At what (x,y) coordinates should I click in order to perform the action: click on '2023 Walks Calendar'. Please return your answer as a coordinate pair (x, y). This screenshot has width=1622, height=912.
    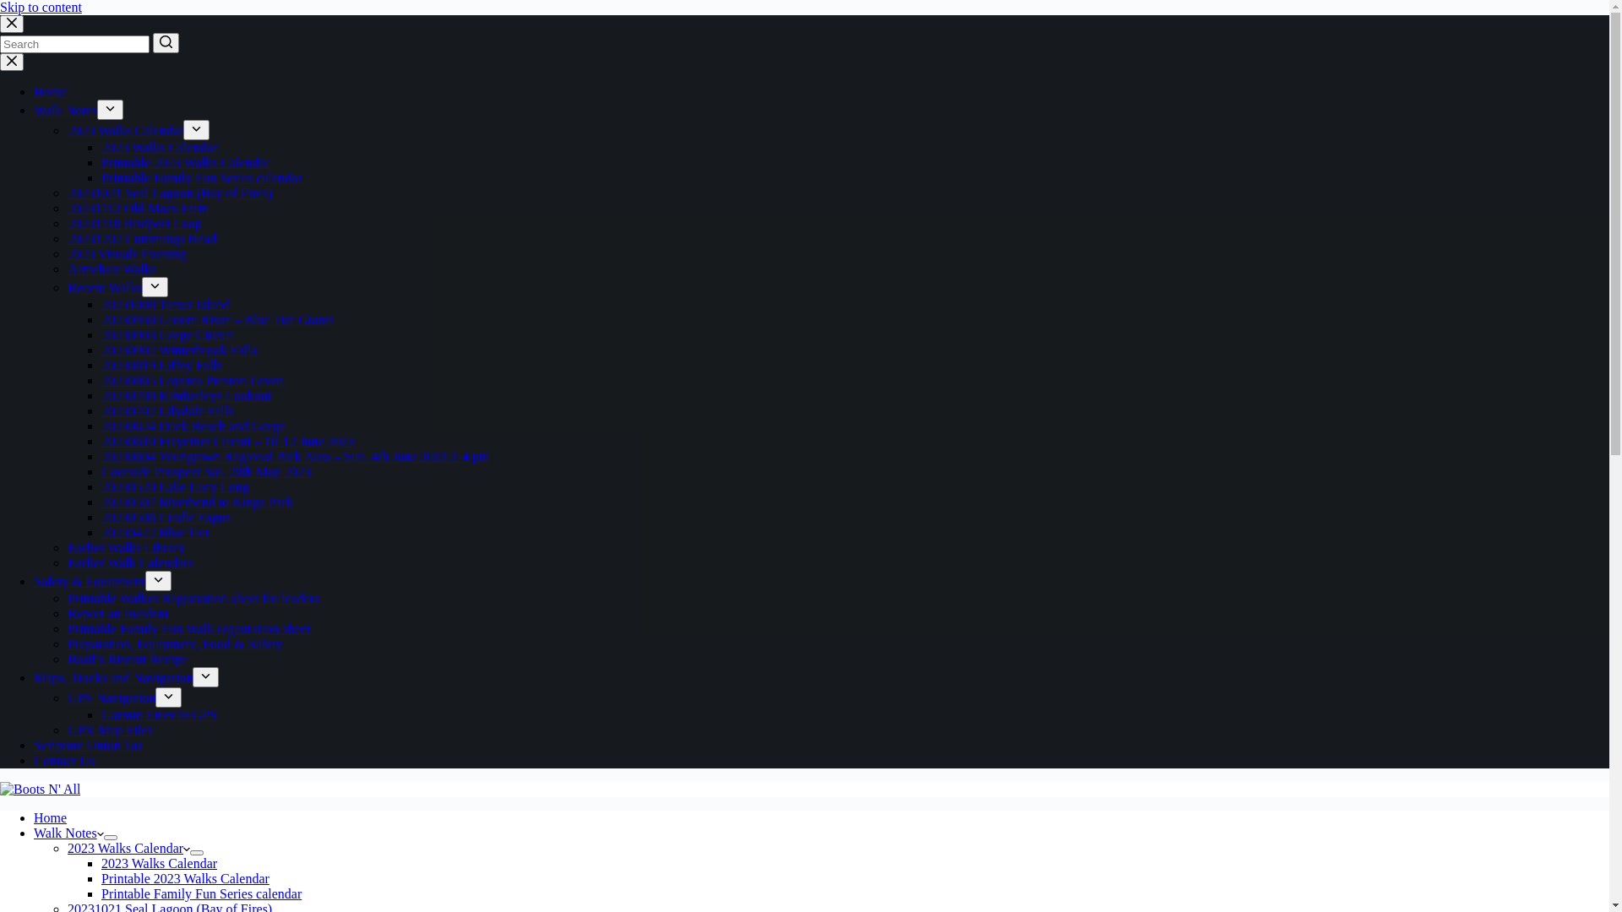
    Looking at the image, I should click on (128, 848).